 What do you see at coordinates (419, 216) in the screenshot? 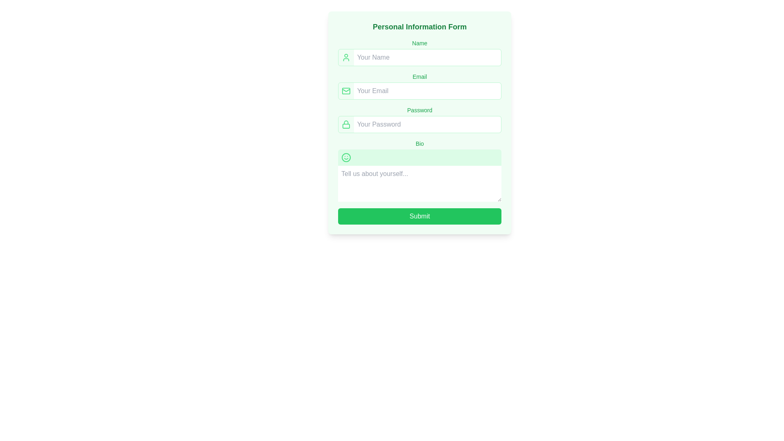
I see `the submit button located at the bottom of the form, directly below the 'Bio' text input field` at bounding box center [419, 216].